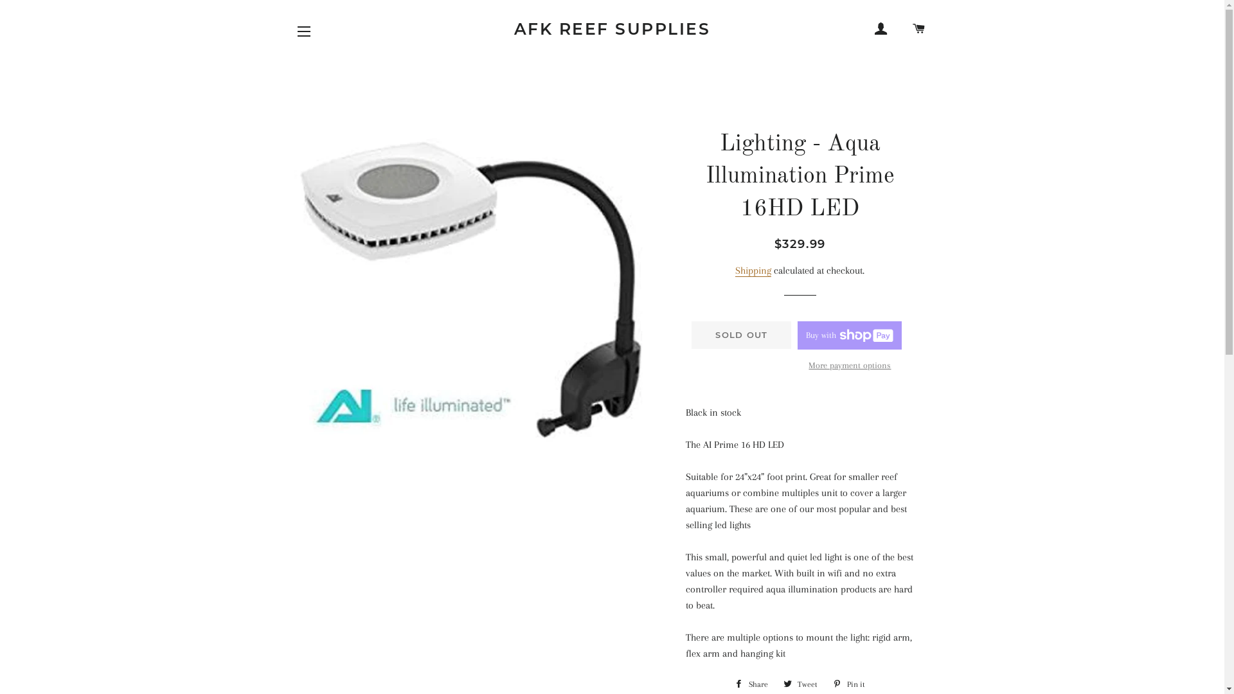  I want to click on 'CART', so click(918, 29).